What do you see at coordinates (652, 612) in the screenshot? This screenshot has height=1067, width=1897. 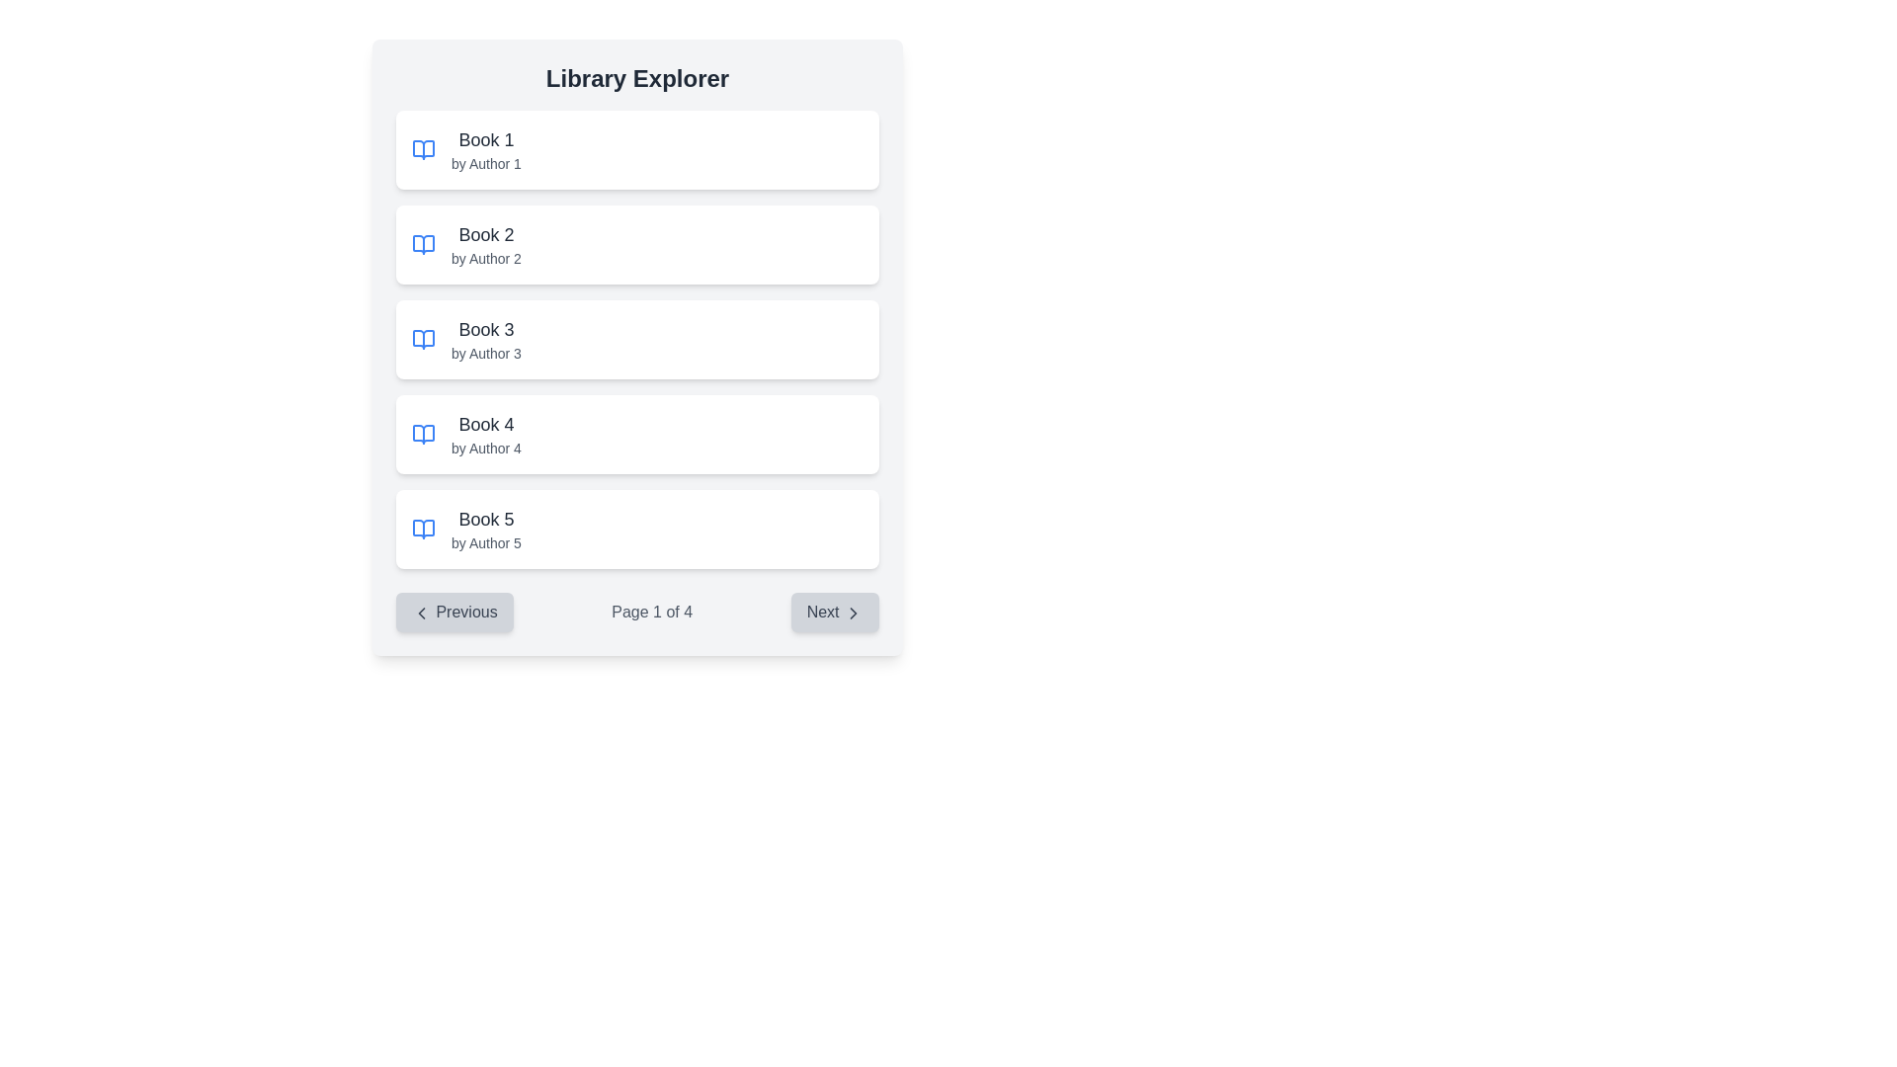 I see `information displayed on the text label 'Page 1 of 4' located at the center of the pagination section` at bounding box center [652, 612].